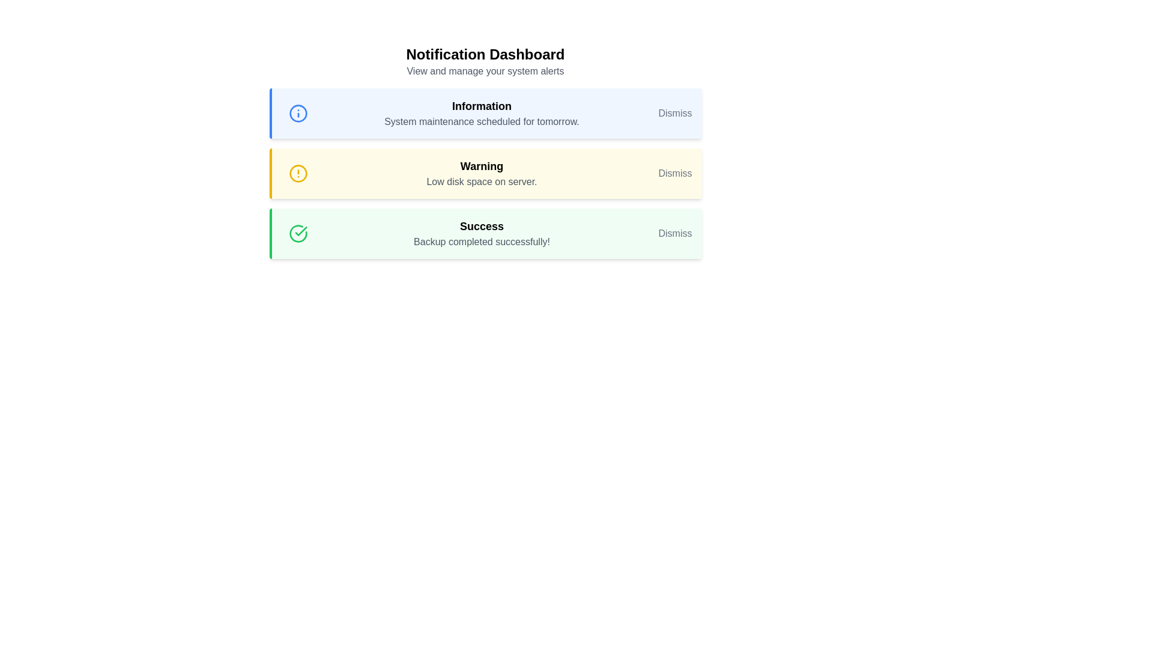 The height and width of the screenshot is (649, 1153). What do you see at coordinates (675, 174) in the screenshot?
I see `the 'Dismiss' button located on the right side of the warning notification box` at bounding box center [675, 174].